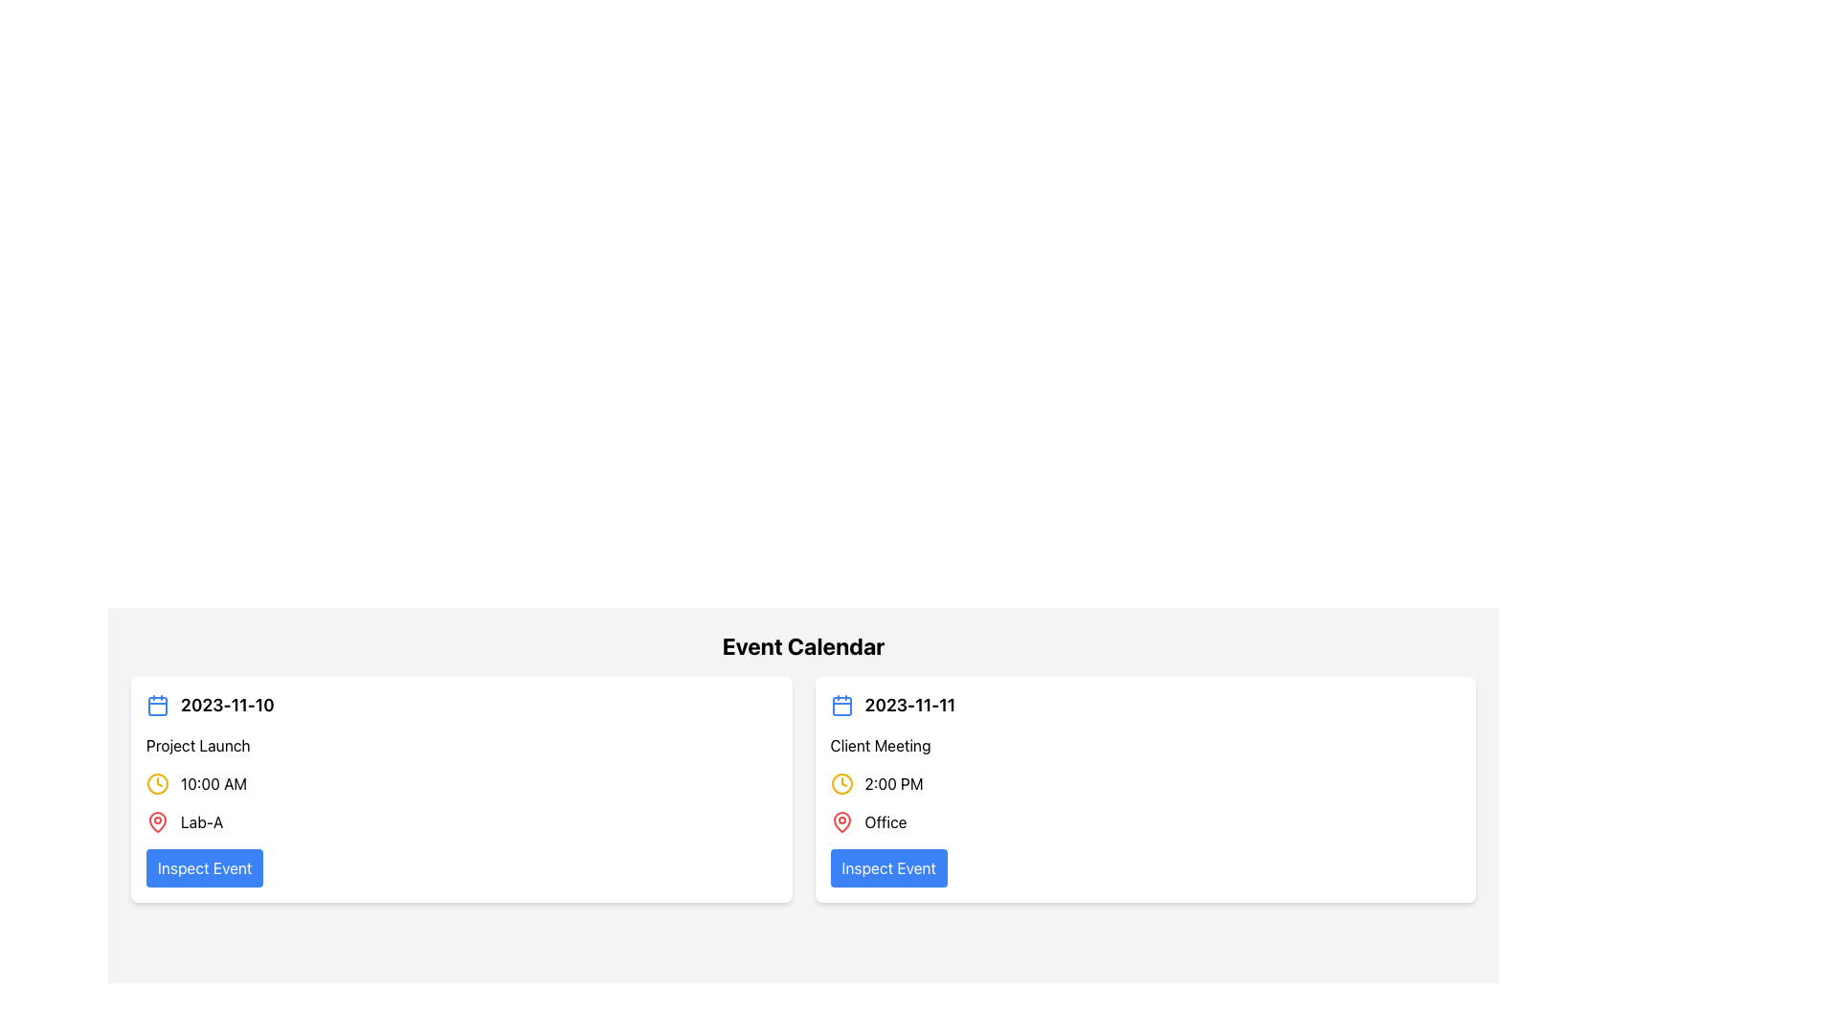 This screenshot has height=1034, width=1838. Describe the element at coordinates (205, 867) in the screenshot. I see `the button at the bottom of the event information group` at that location.